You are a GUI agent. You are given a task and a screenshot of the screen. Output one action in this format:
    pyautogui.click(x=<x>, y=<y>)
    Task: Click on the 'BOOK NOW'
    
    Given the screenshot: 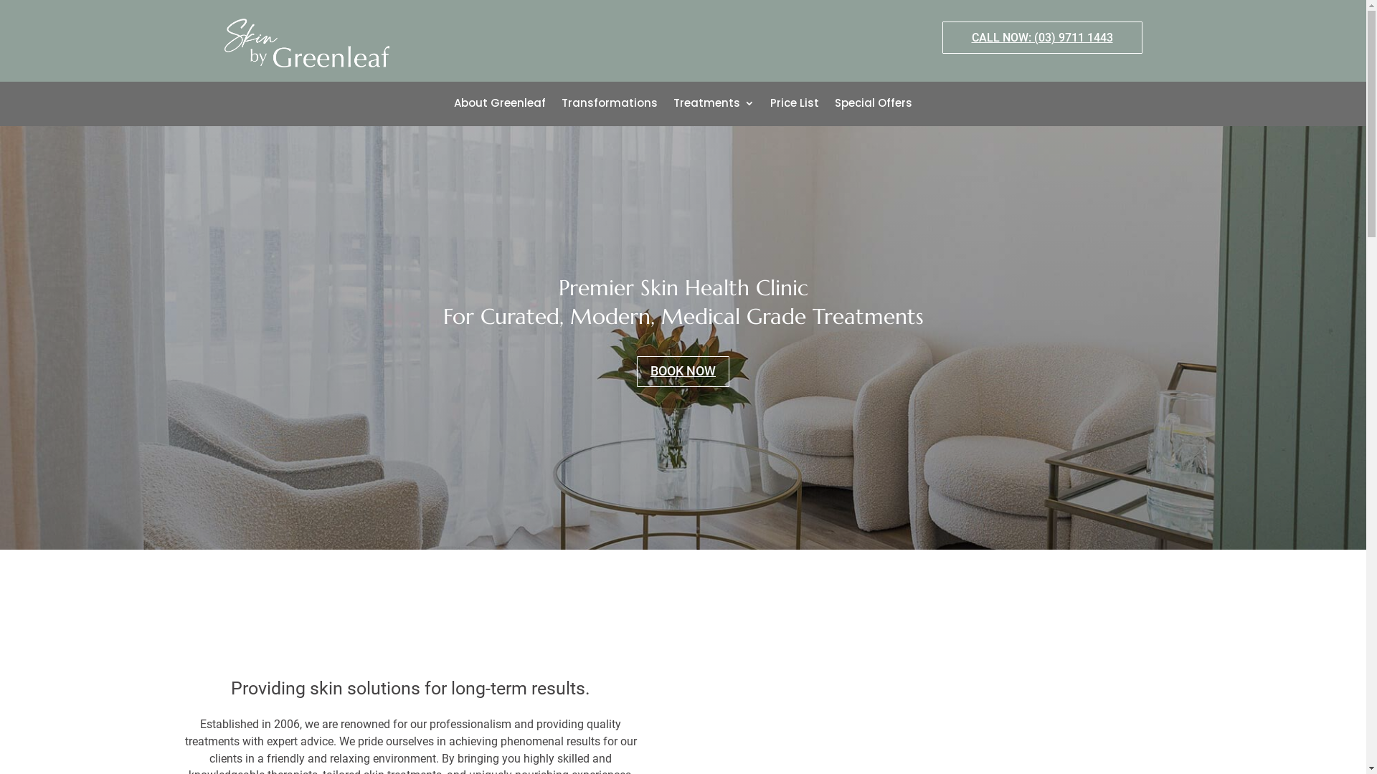 What is the action you would take?
    pyautogui.click(x=682, y=371)
    